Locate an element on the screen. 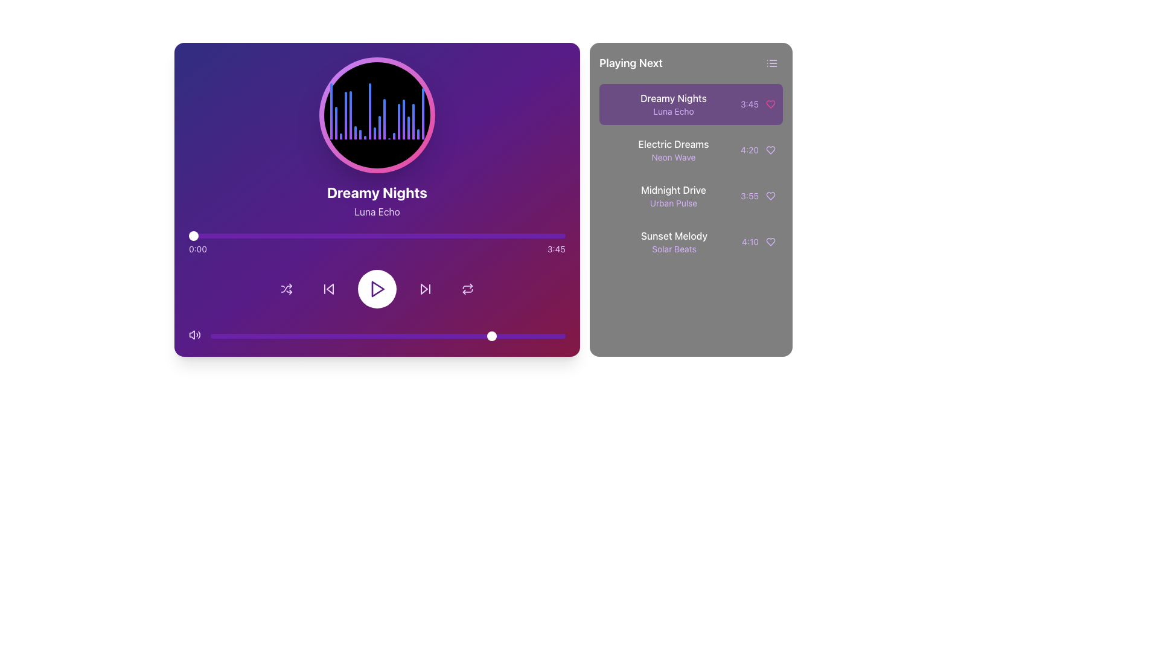 The width and height of the screenshot is (1159, 652). the 'Previous' button is located at coordinates (328, 289).